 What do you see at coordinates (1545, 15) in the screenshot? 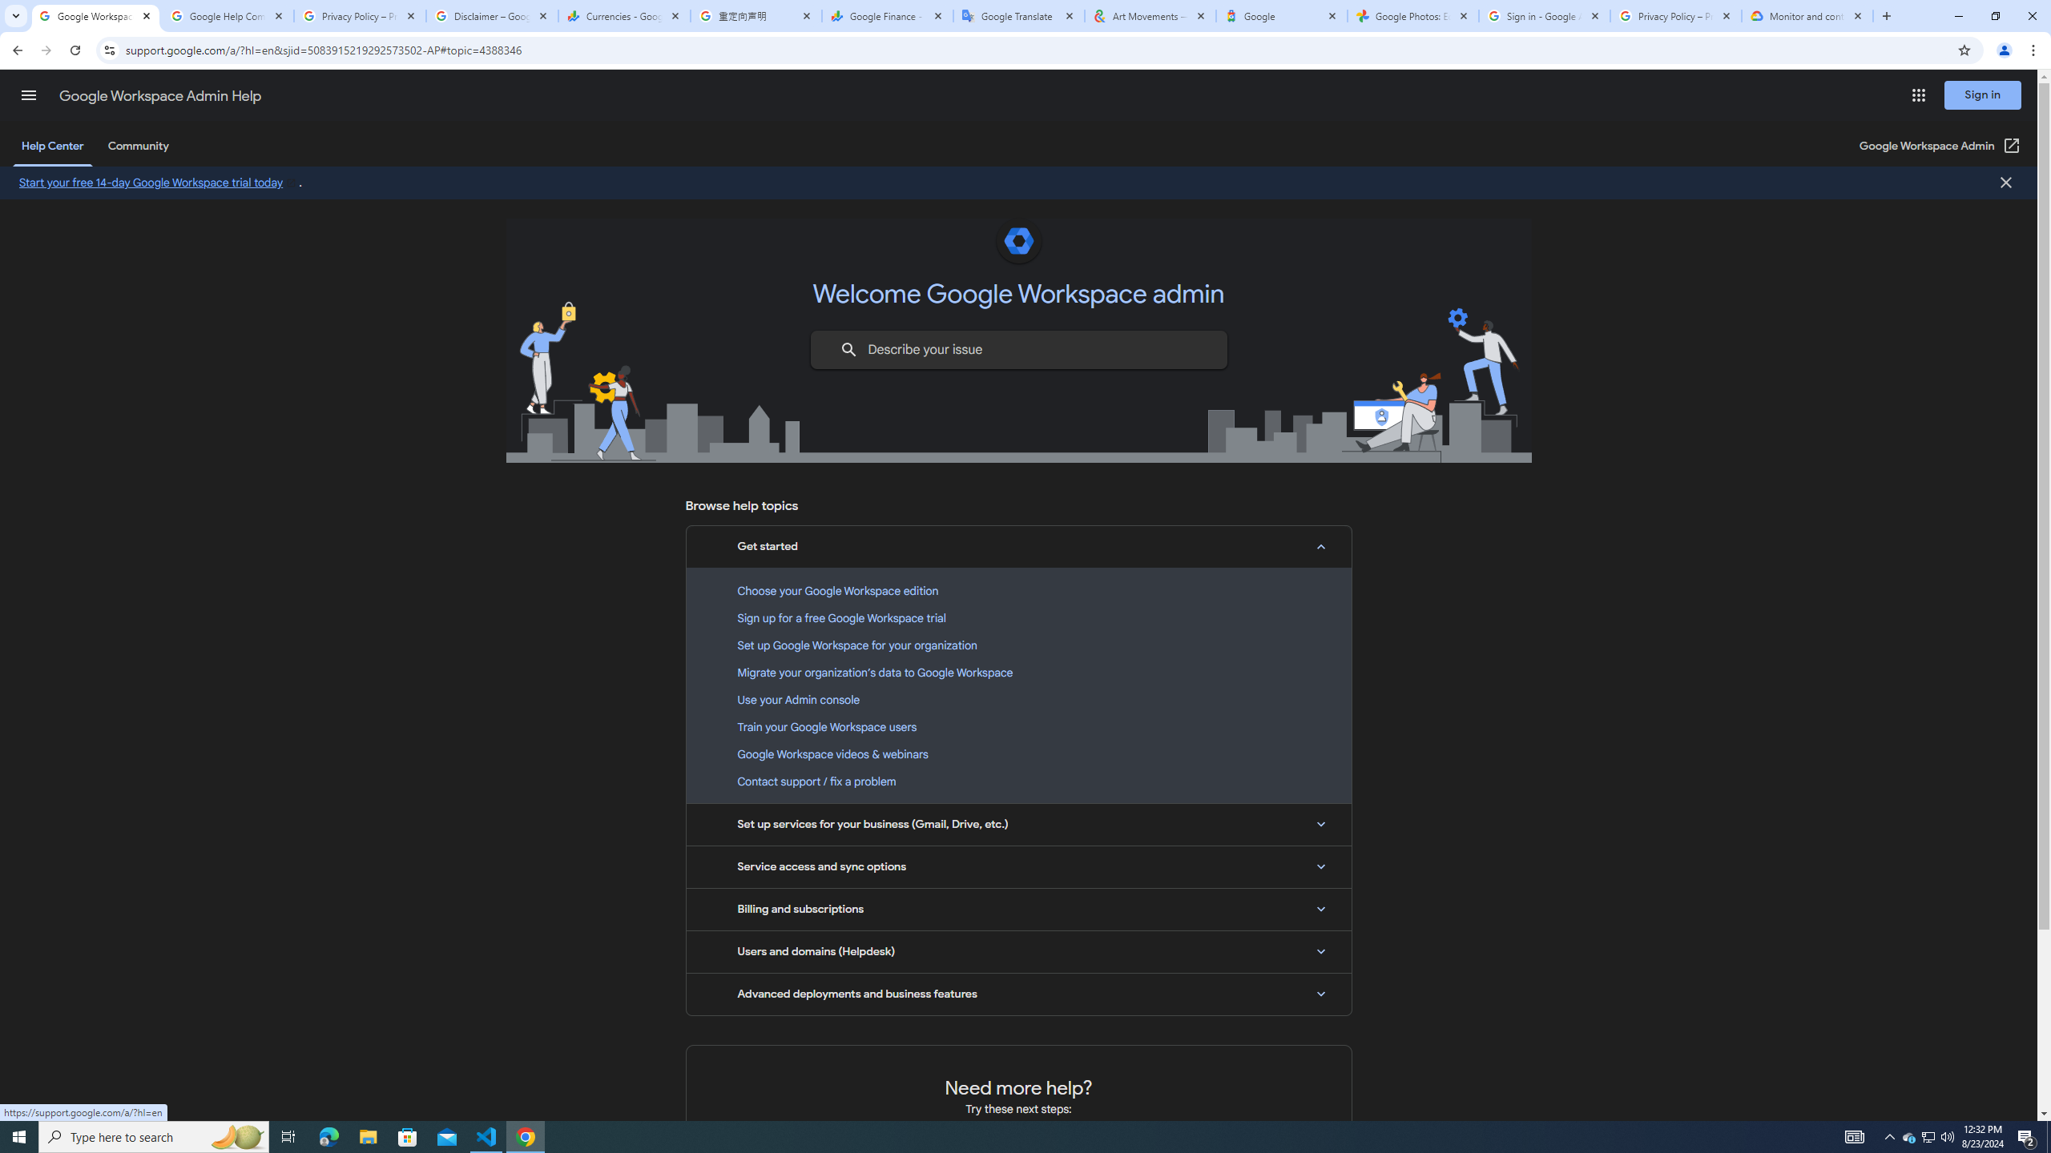
I see `'Sign in - Google Accounts'` at bounding box center [1545, 15].